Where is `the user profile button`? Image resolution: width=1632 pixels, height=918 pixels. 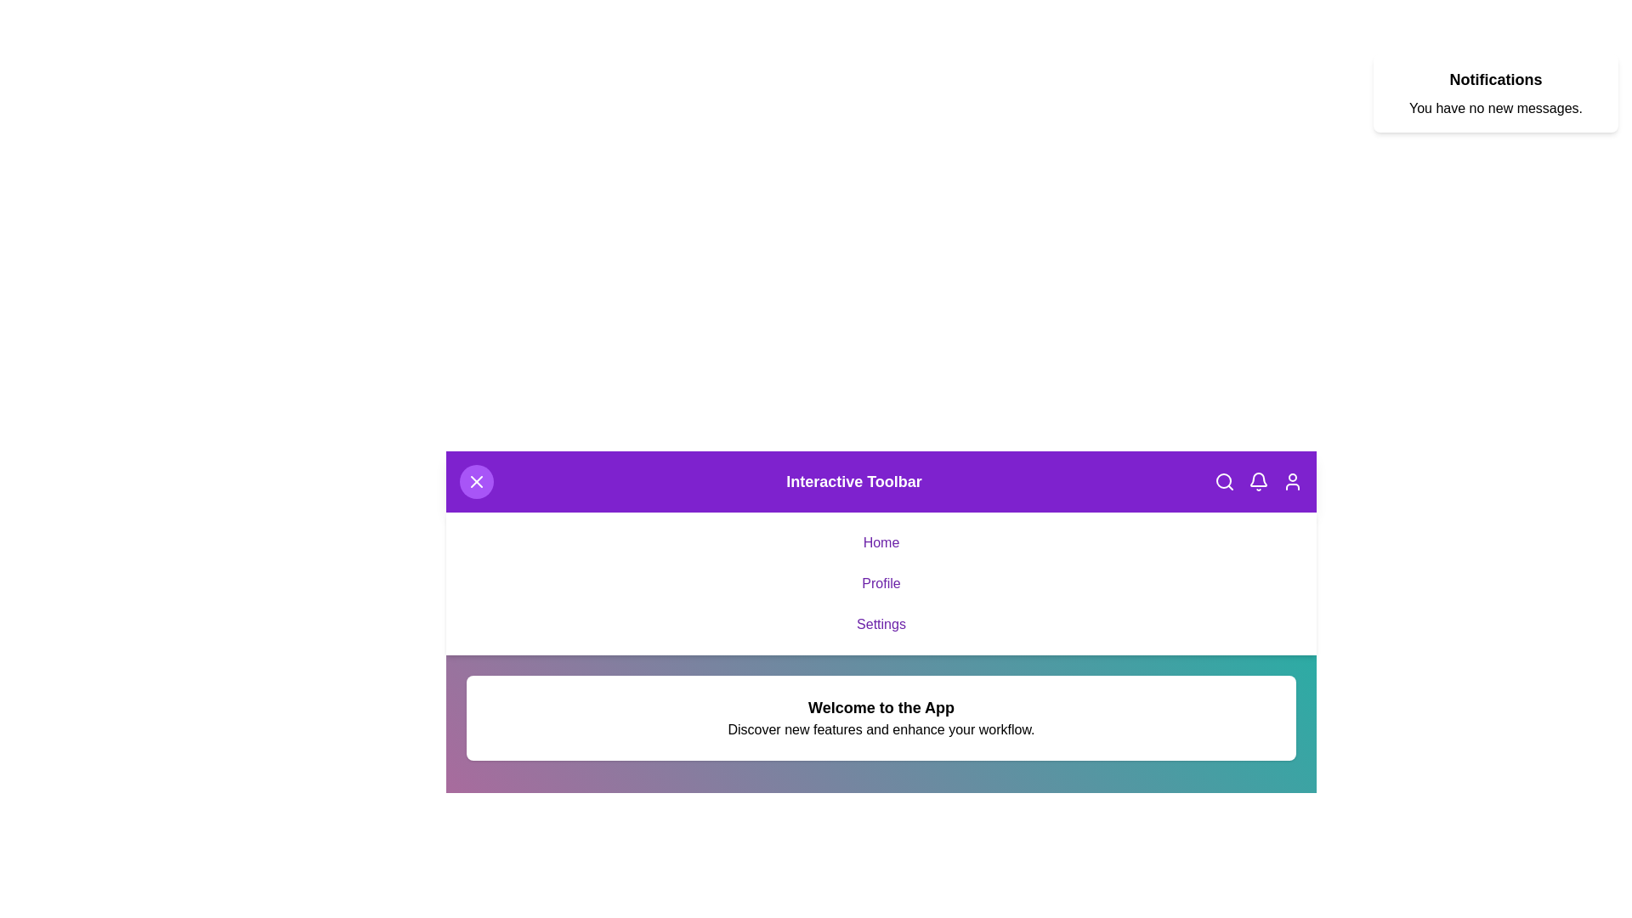 the user profile button is located at coordinates (1292, 482).